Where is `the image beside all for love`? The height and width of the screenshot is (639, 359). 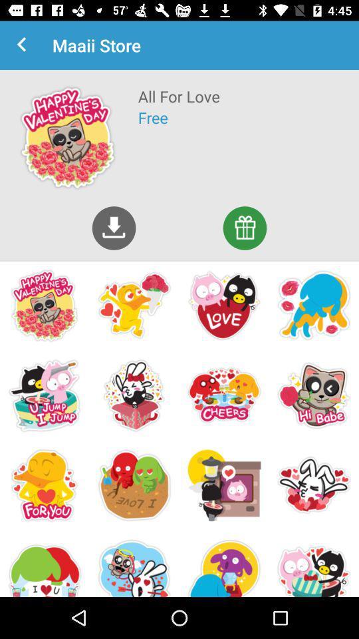 the image beside all for love is located at coordinates (68, 138).